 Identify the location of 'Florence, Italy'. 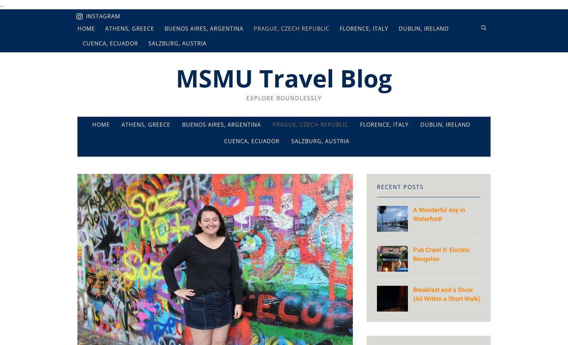
(384, 125).